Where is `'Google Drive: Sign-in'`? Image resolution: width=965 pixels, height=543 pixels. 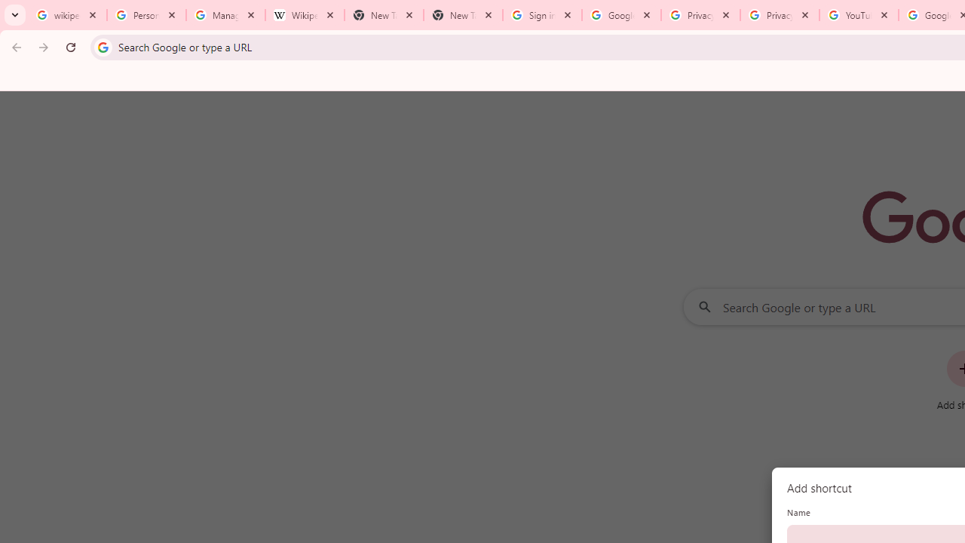
'Google Drive: Sign-in' is located at coordinates (621, 15).